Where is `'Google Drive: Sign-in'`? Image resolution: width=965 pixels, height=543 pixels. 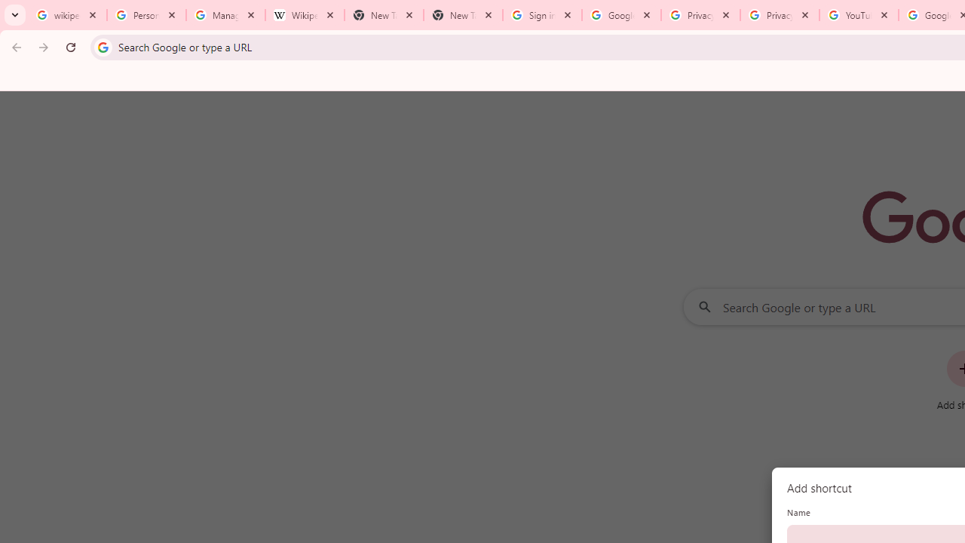
'Google Drive: Sign-in' is located at coordinates (621, 15).